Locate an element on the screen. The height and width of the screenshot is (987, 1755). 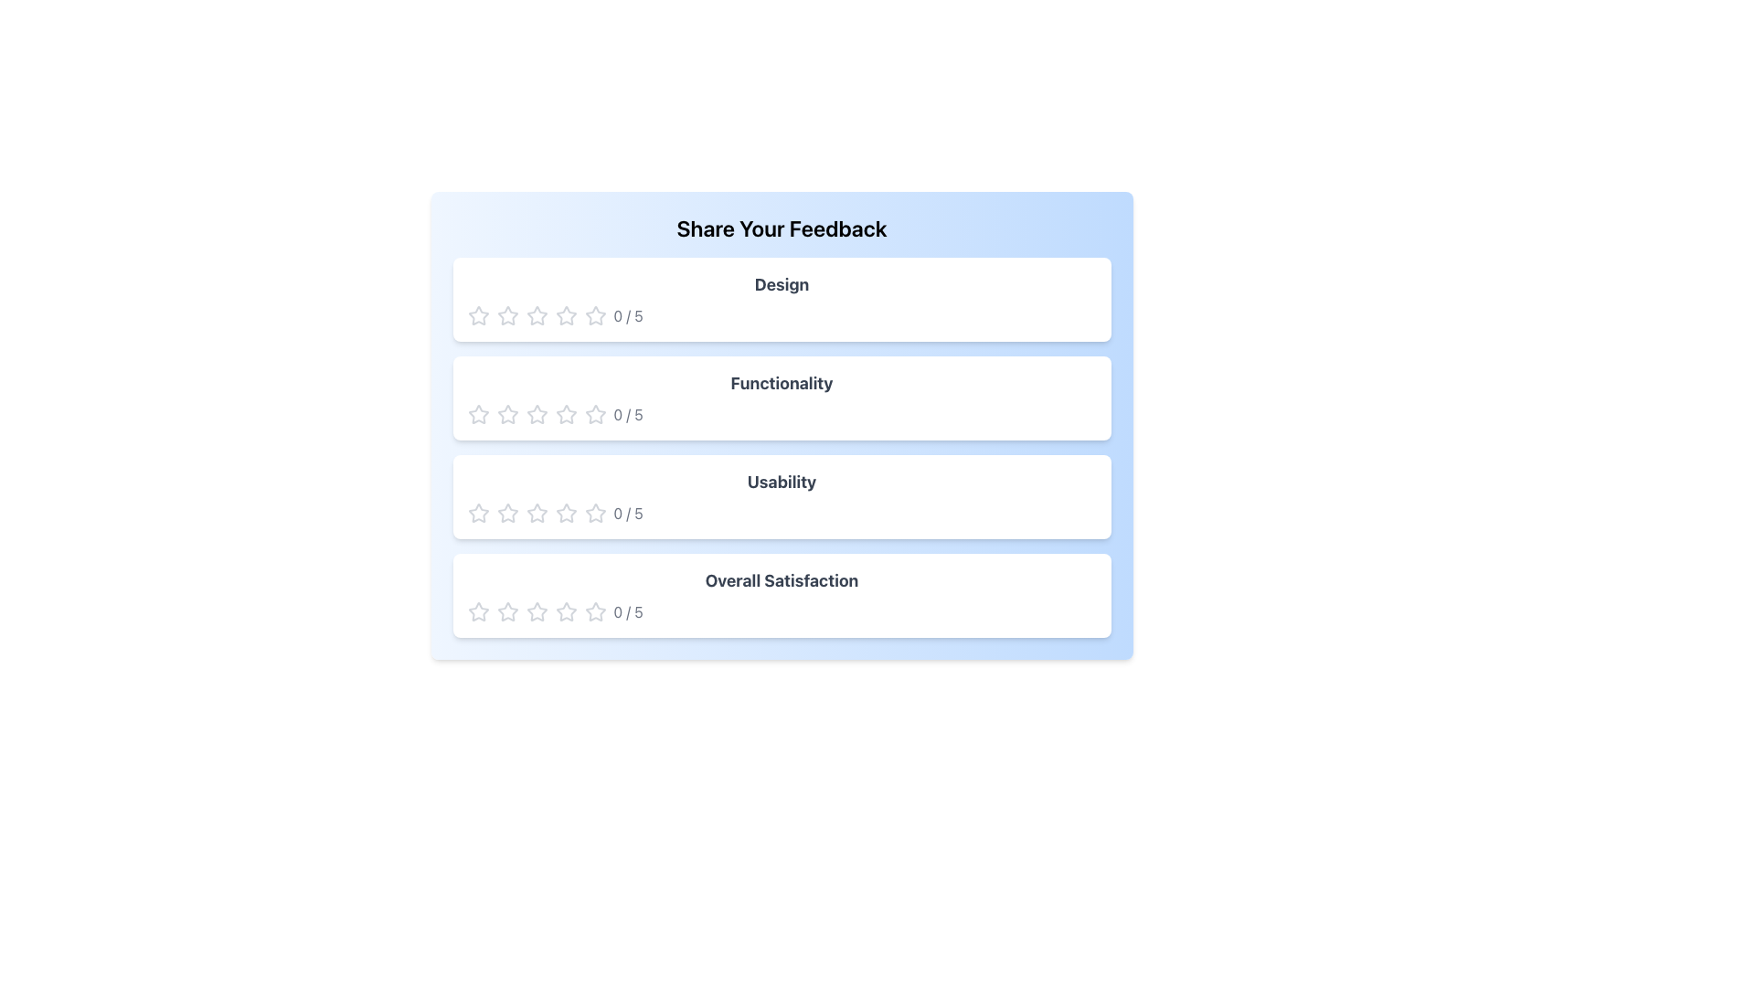
the first star-shaped rating icon in the 'Usability' feedback section is located at coordinates (478, 514).